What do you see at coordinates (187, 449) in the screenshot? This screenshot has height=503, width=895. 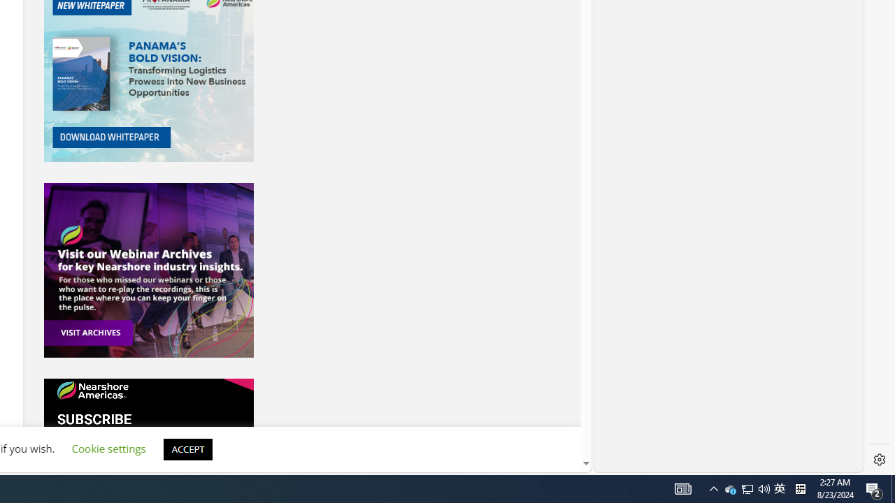 I see `'ACCEPT'` at bounding box center [187, 449].